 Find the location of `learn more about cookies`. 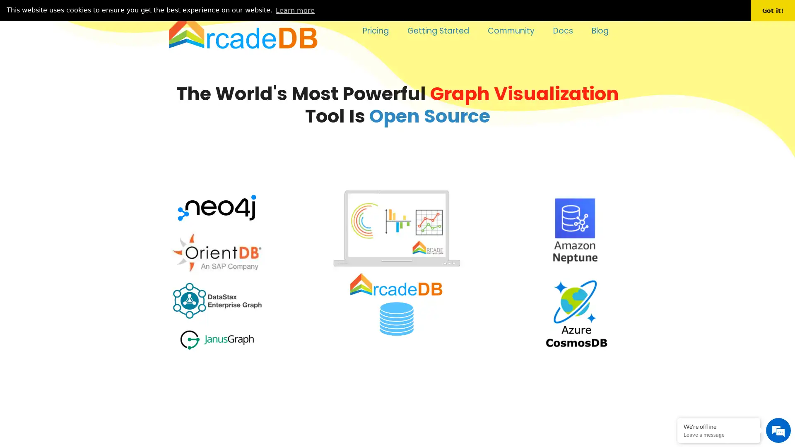

learn more about cookies is located at coordinates (295, 10).